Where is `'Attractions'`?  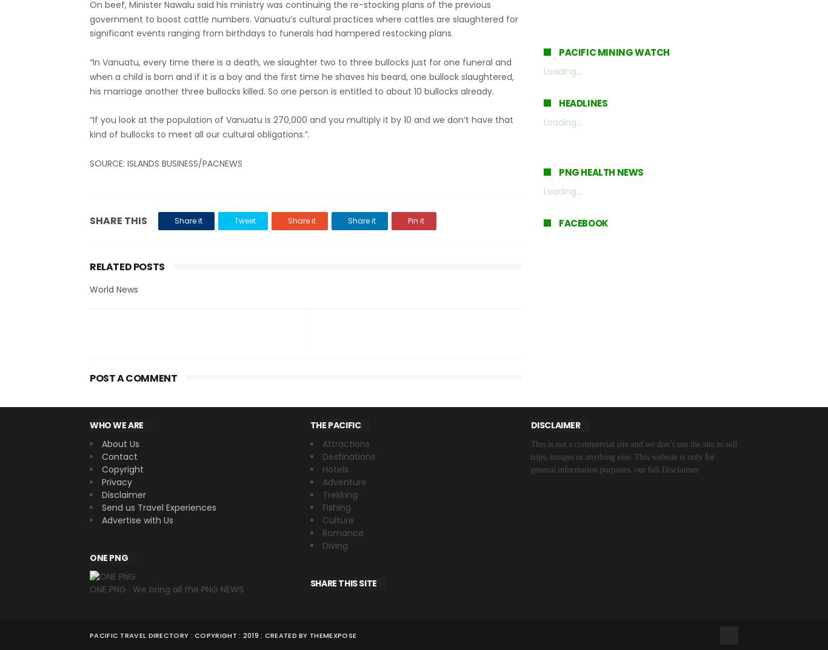
'Attractions' is located at coordinates (345, 443).